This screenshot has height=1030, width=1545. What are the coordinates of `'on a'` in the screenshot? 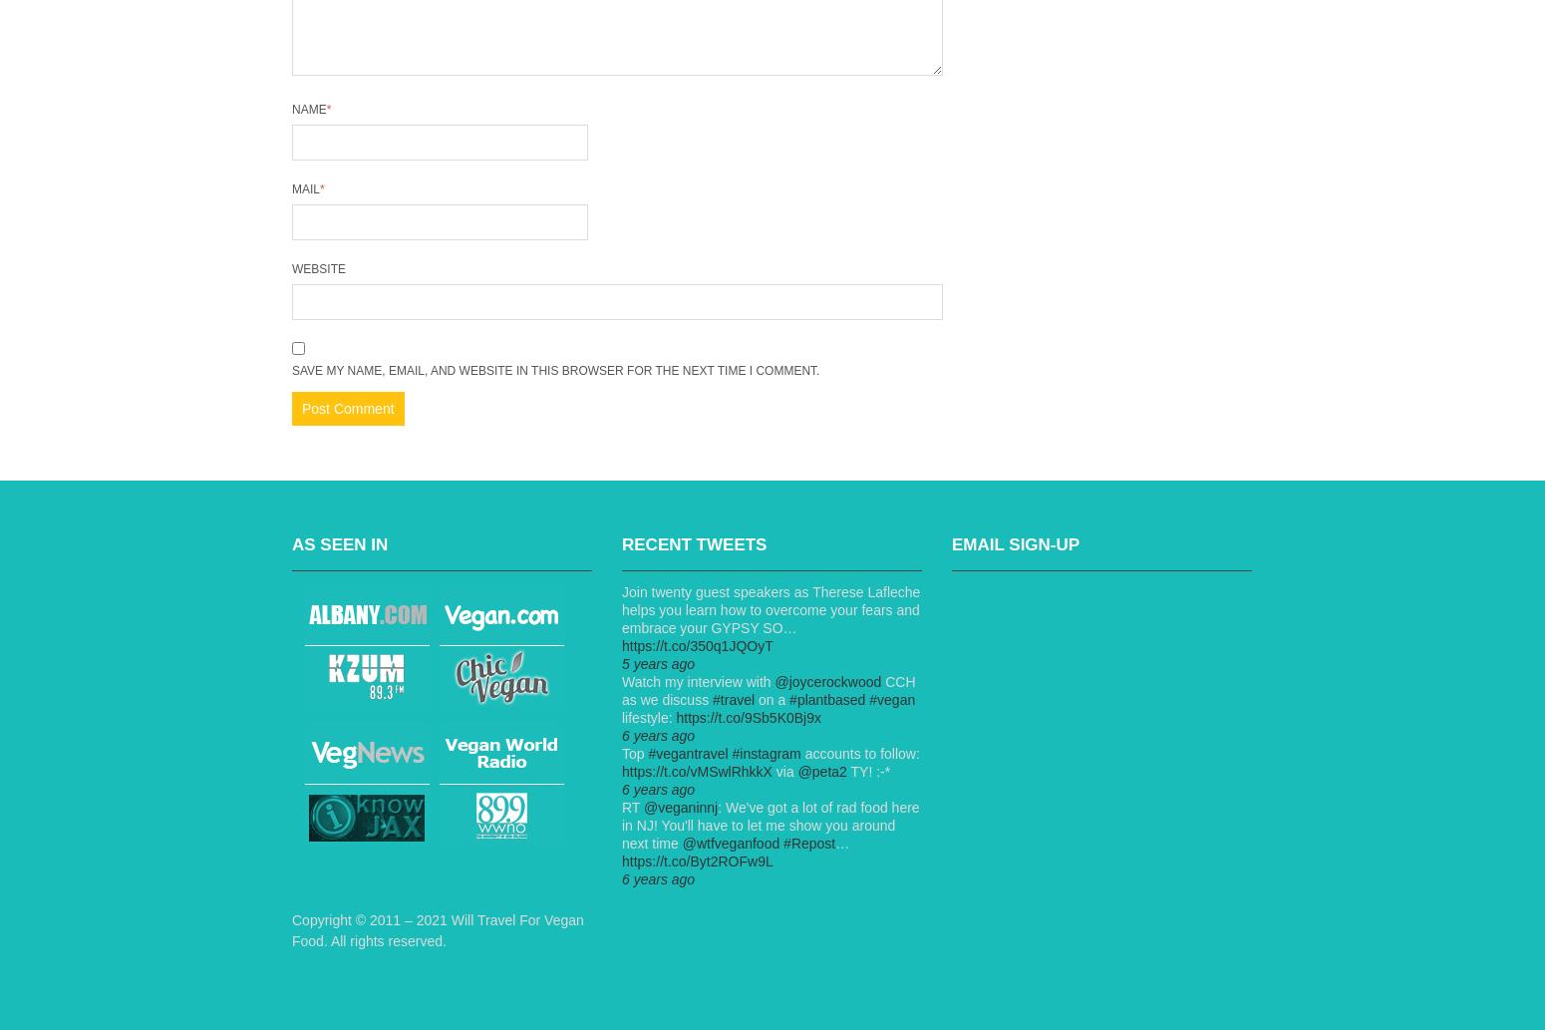 It's located at (772, 700).